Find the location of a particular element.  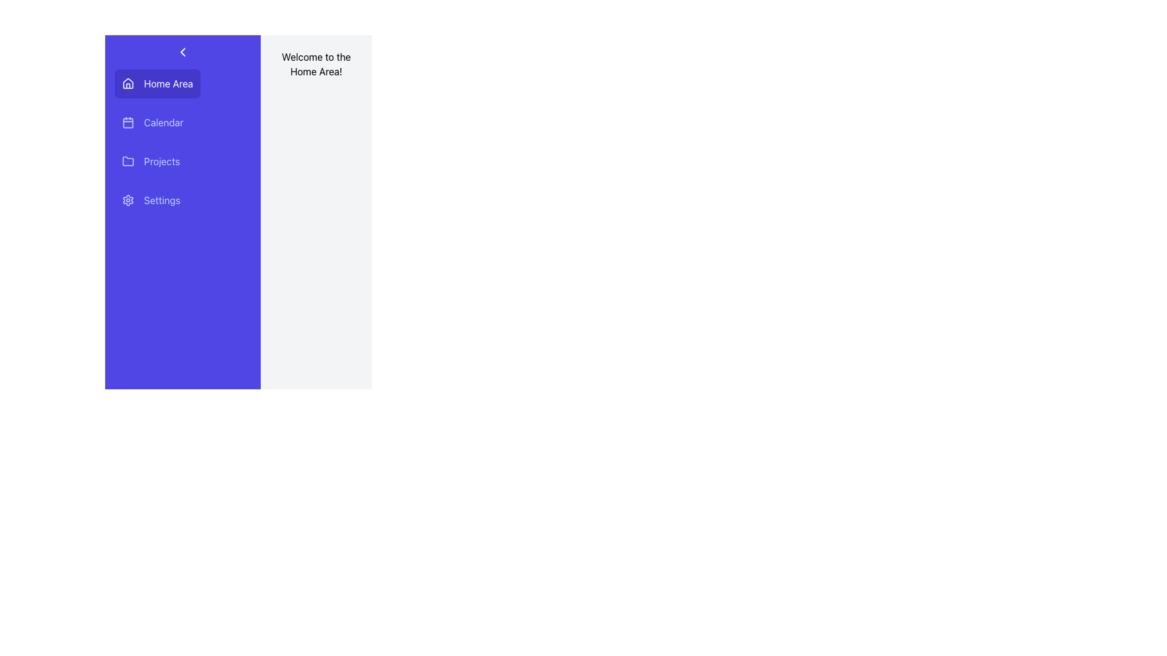

the primary house icon located in the sidebar is located at coordinates (128, 83).